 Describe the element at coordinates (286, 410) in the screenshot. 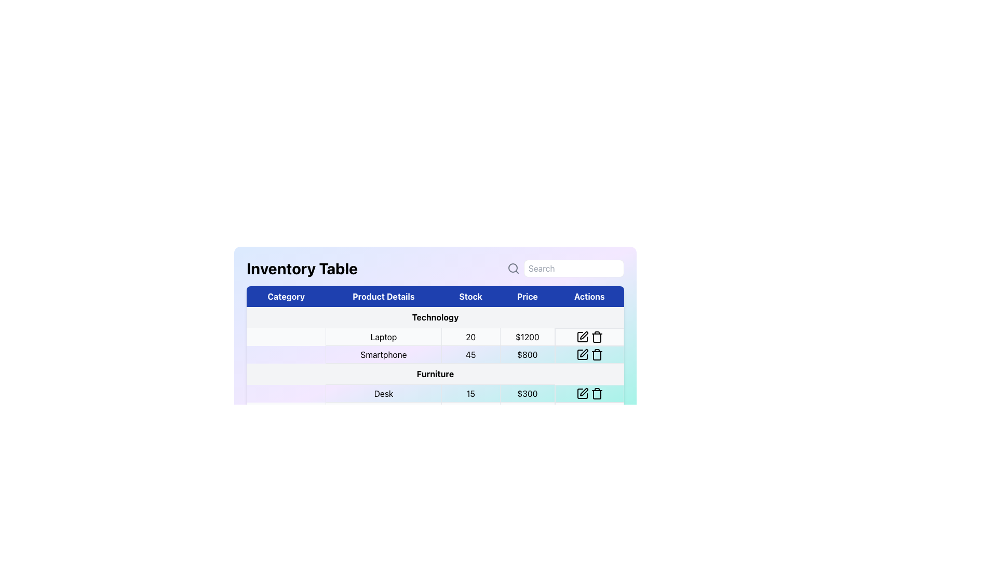

I see `the blank cell in the first column of the row containing 'Chair', which serves as a placeholder in the table layout` at that location.